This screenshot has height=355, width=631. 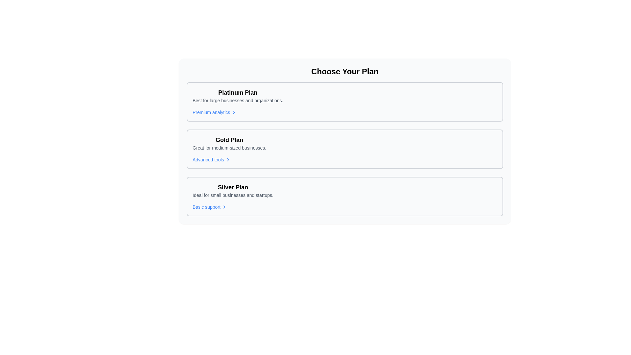 I want to click on the text element displaying 'Gold Plan' which is positioned in the center of the list of plans, between 'Platinum Plan' and 'Silver Plan', so click(x=229, y=143).